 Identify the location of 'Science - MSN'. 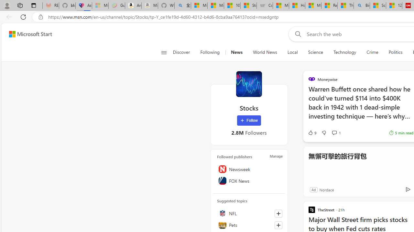
(378, 5).